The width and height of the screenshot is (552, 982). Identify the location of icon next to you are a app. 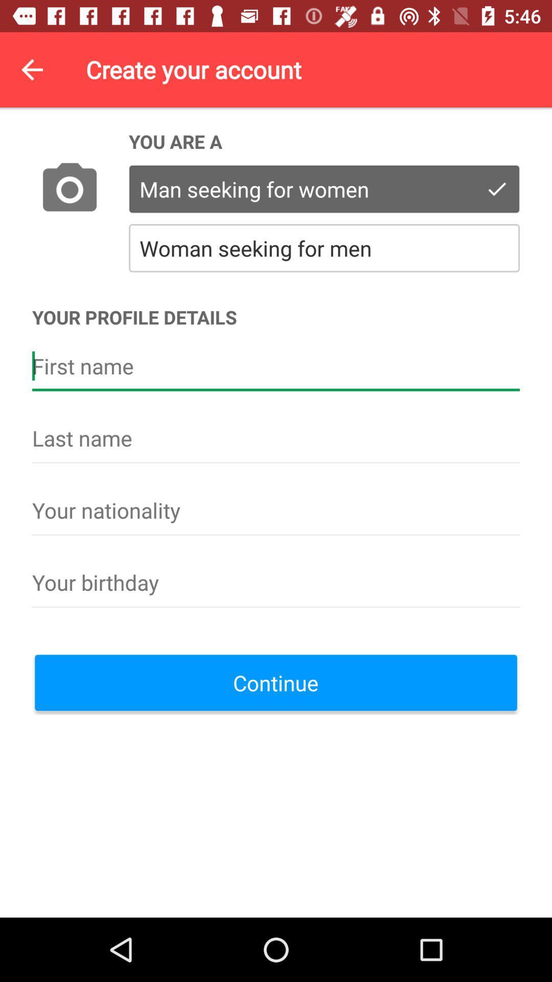
(69, 190).